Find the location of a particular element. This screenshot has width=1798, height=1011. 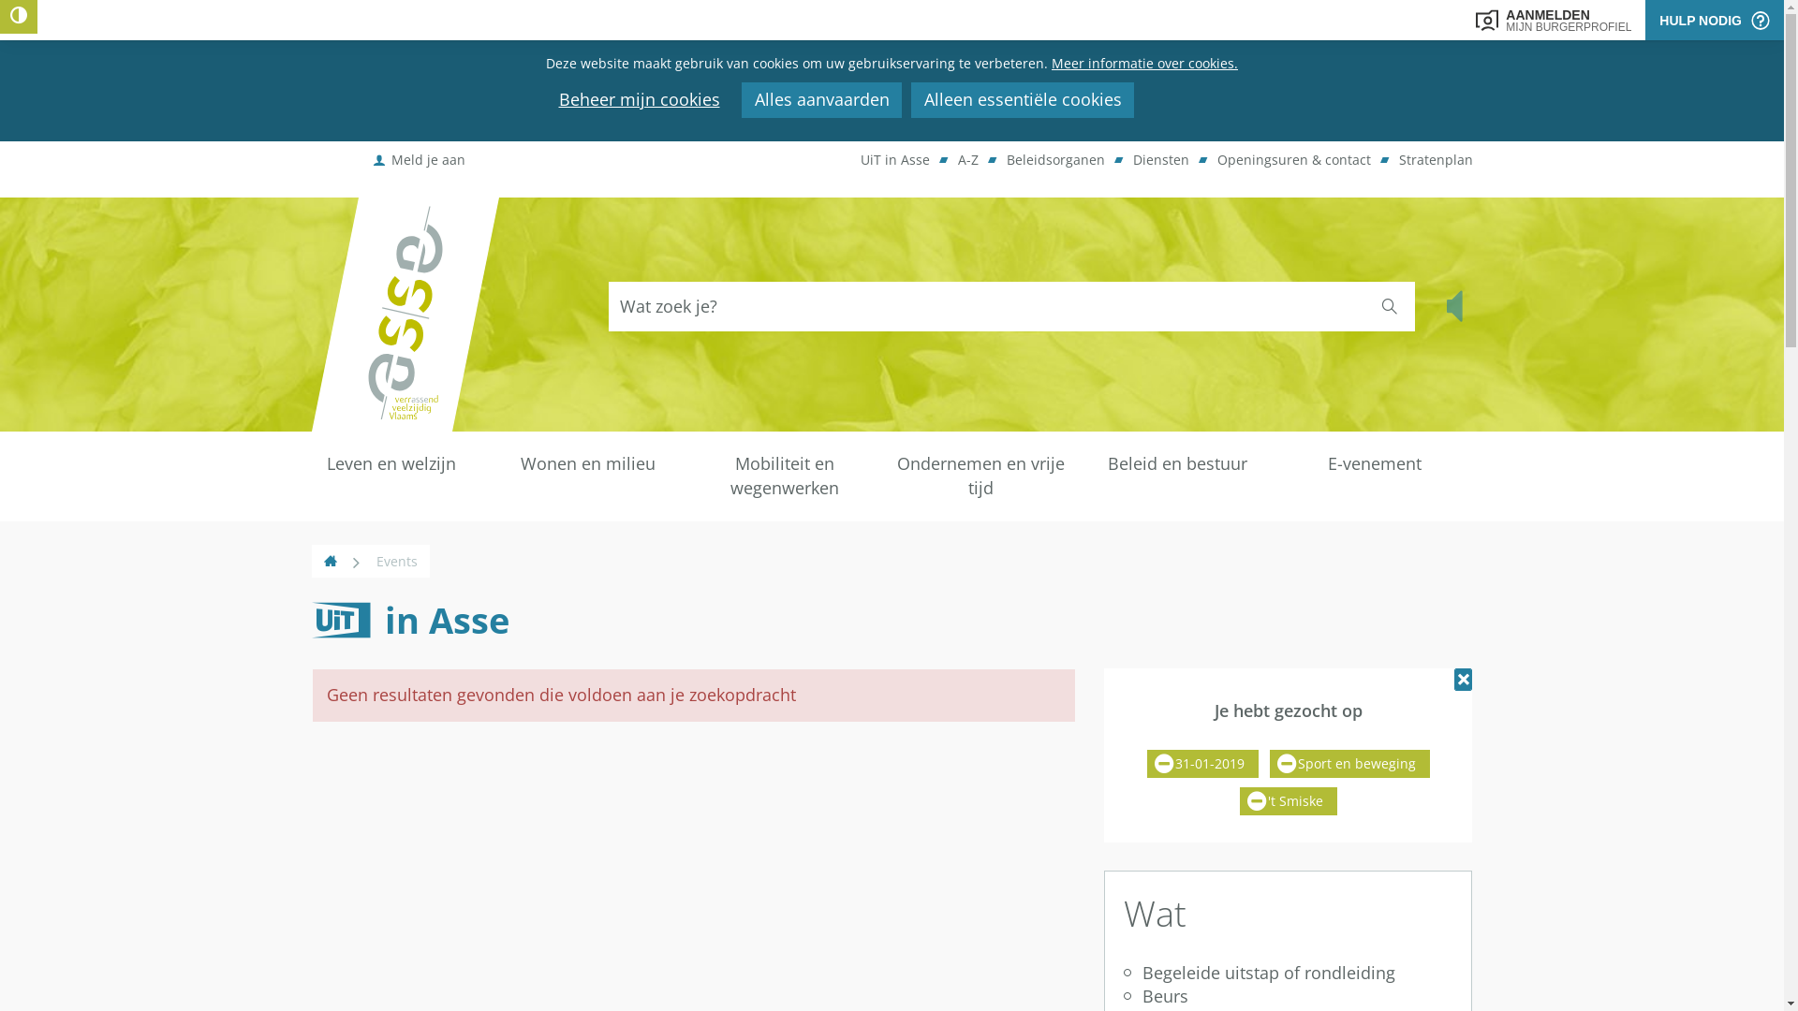

'UiT in Asse' is located at coordinates (893, 159).